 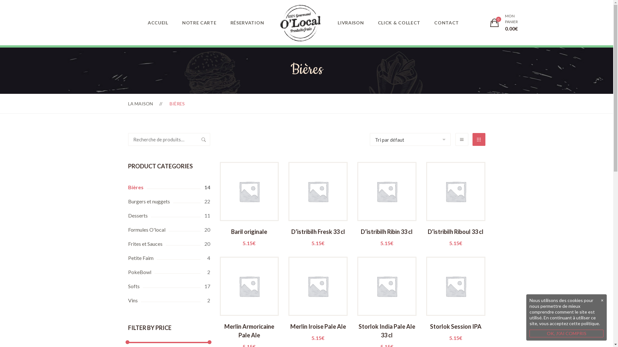 I want to click on 'Frites et Sauces', so click(x=169, y=244).